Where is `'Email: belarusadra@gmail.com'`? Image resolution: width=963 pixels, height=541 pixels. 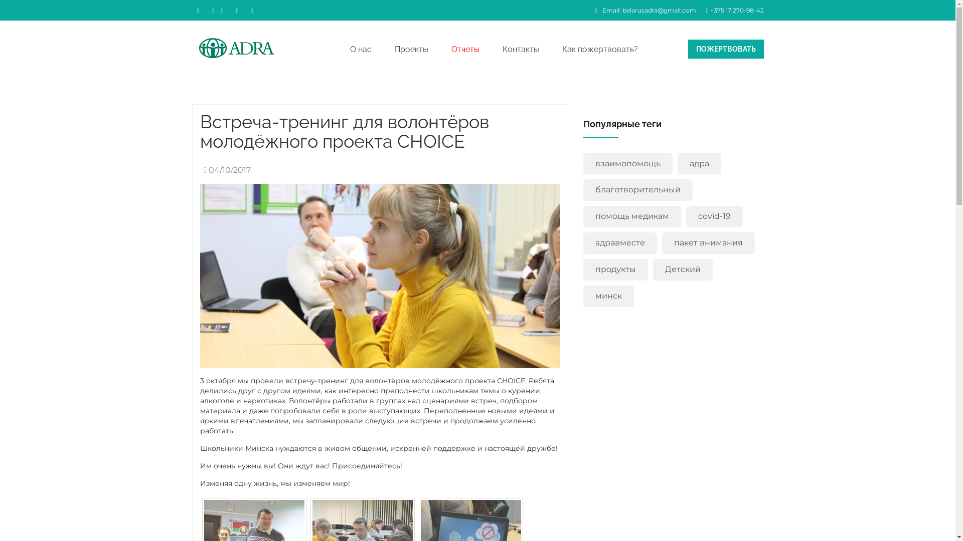
'Email: belarusadra@gmail.com' is located at coordinates (590, 10).